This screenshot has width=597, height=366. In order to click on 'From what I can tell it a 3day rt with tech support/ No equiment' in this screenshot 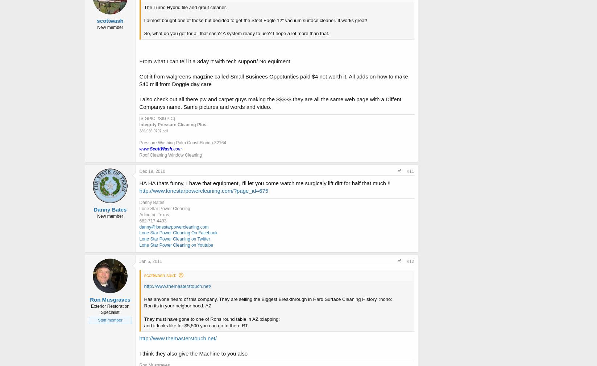, I will do `click(139, 61)`.